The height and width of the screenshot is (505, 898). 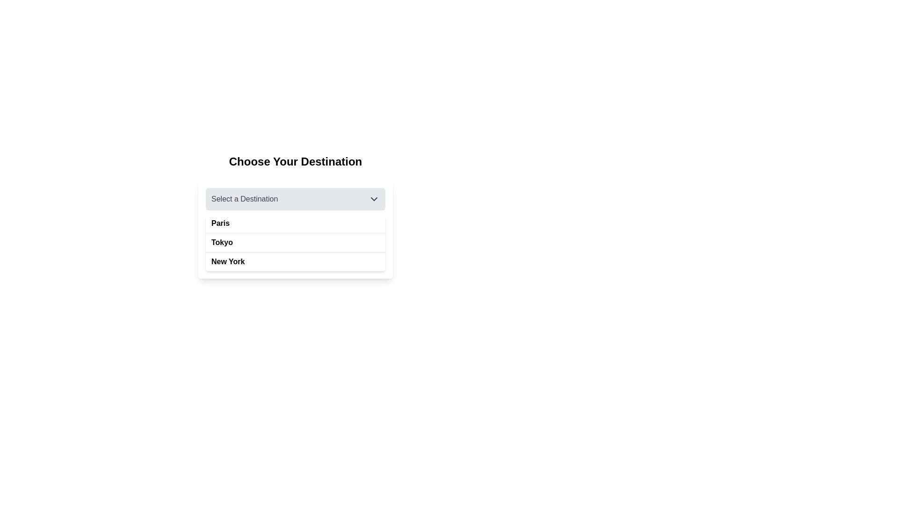 What do you see at coordinates (295, 224) in the screenshot?
I see `the 'Paris' menu option, which is the first selectable option in the 'Choose Your Destination' list` at bounding box center [295, 224].